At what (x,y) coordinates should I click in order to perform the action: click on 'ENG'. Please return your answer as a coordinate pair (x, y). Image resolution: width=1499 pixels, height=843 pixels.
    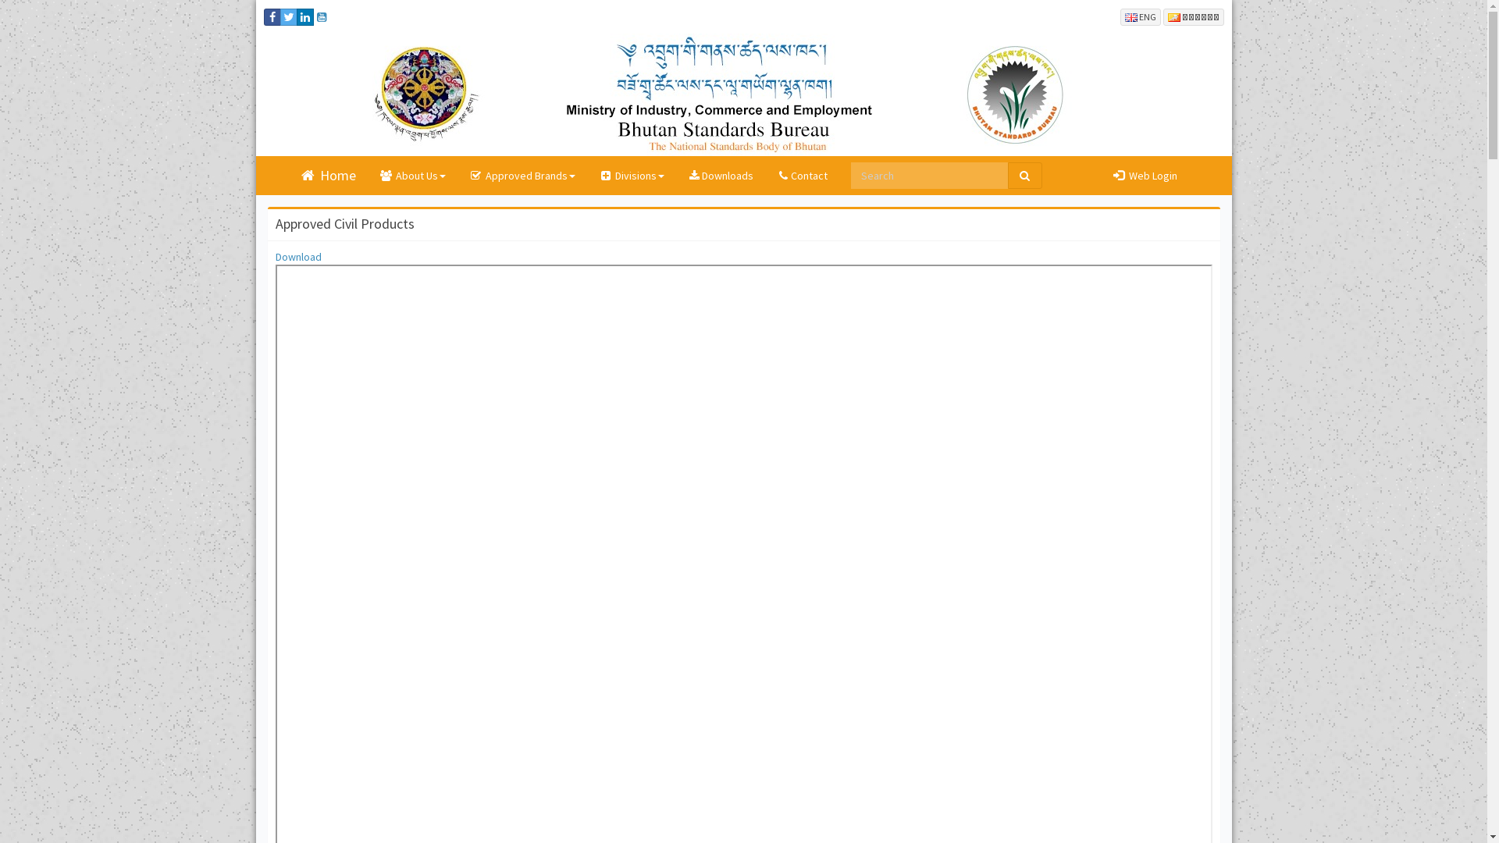
    Looking at the image, I should click on (1139, 15).